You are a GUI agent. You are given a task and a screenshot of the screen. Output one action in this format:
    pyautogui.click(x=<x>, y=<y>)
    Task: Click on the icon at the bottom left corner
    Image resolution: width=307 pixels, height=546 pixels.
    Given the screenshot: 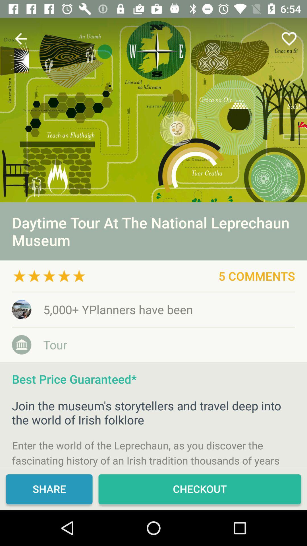 What is the action you would take?
    pyautogui.click(x=49, y=489)
    